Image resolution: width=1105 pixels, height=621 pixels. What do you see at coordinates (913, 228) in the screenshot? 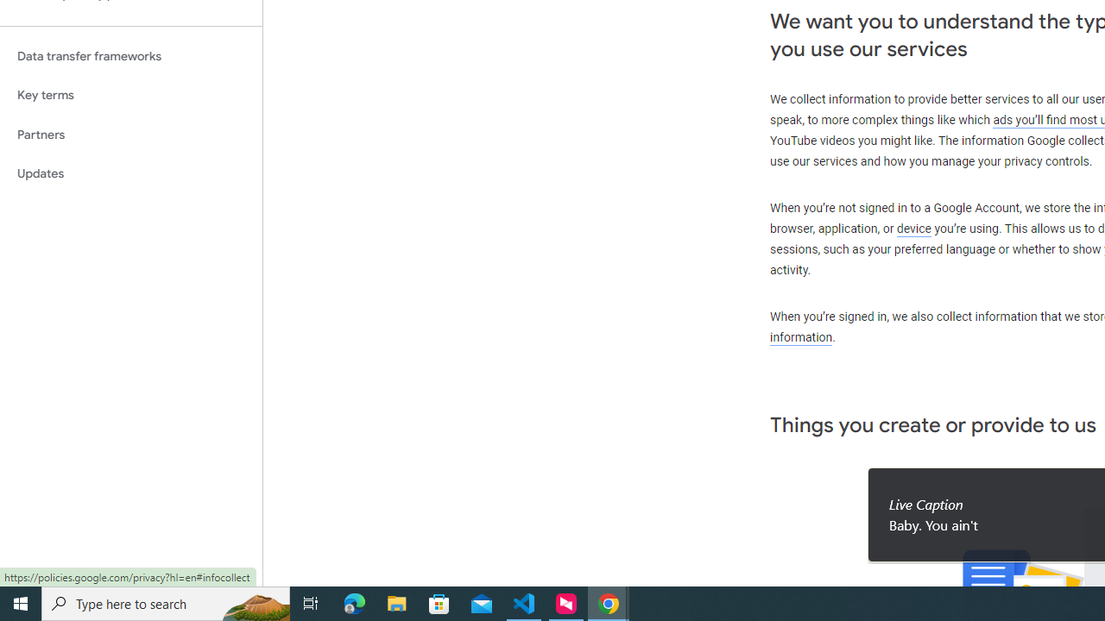
I see `'device'` at bounding box center [913, 228].